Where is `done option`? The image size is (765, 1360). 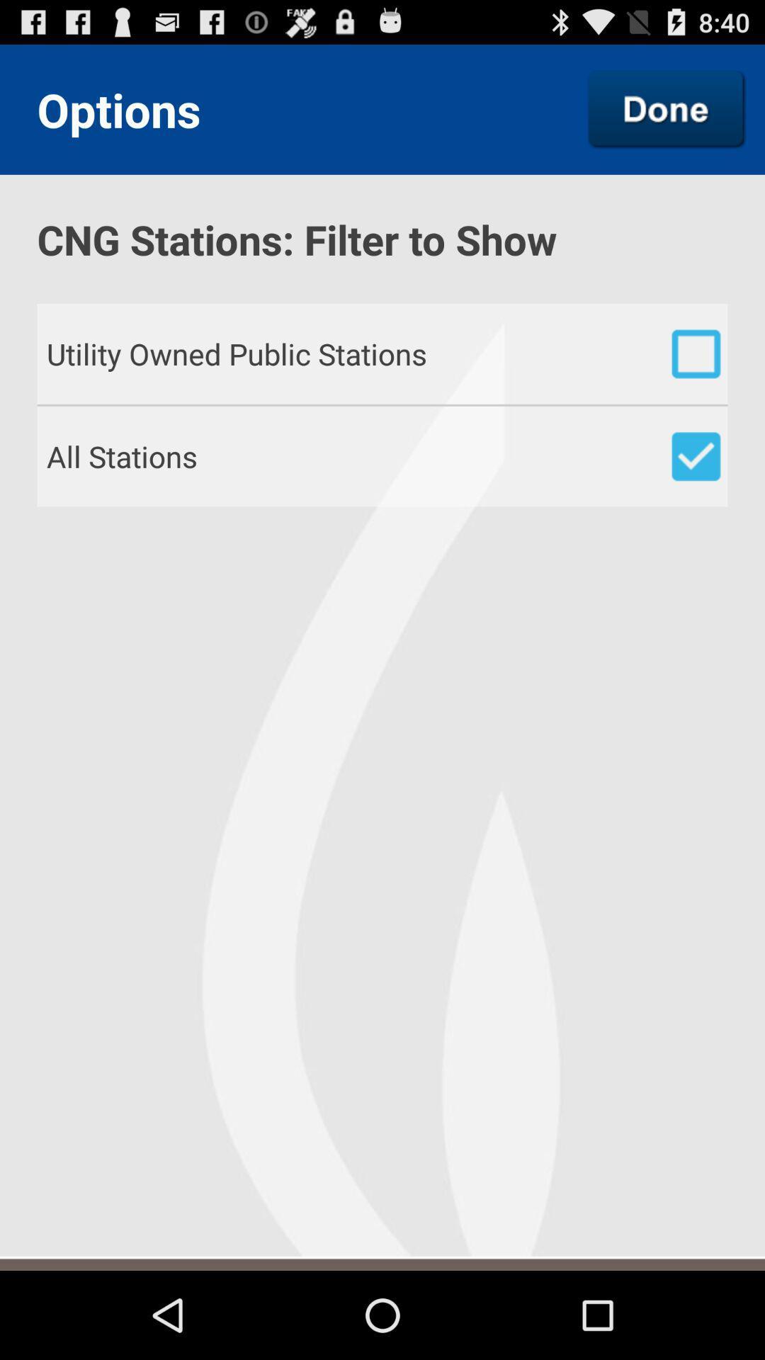
done option is located at coordinates (667, 108).